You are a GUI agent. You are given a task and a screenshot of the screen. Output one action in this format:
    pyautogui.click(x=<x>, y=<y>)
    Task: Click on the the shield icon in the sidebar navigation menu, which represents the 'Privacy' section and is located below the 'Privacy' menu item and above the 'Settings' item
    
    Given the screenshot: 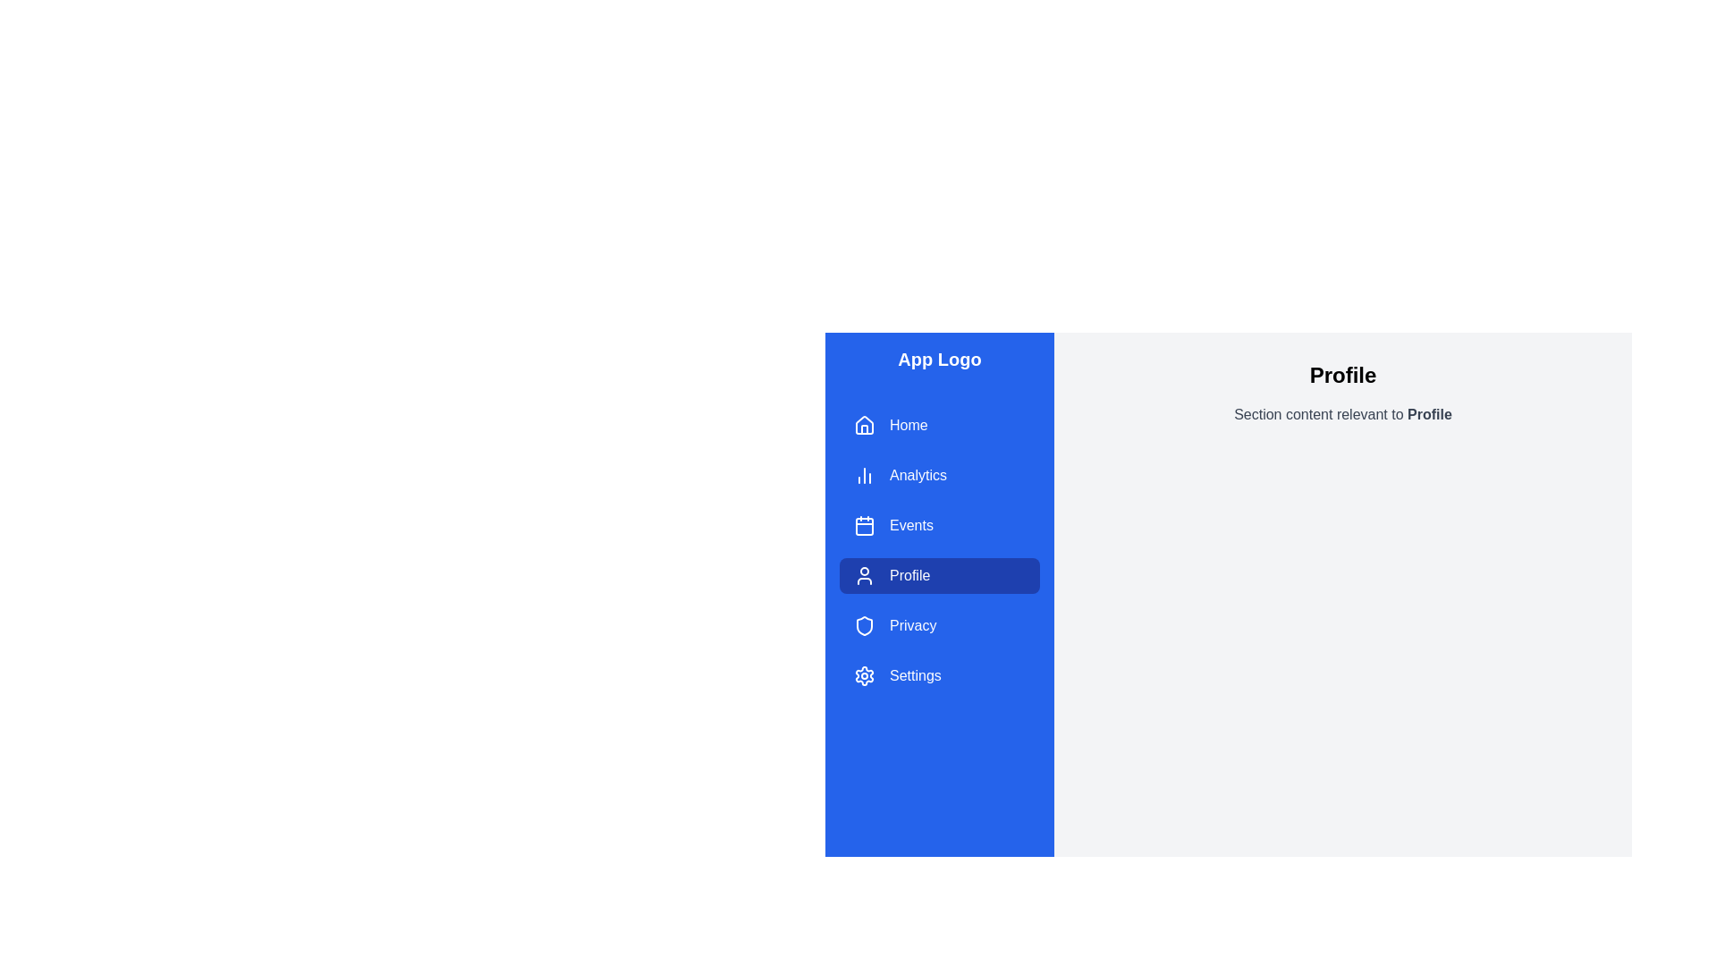 What is the action you would take?
    pyautogui.click(x=864, y=624)
    